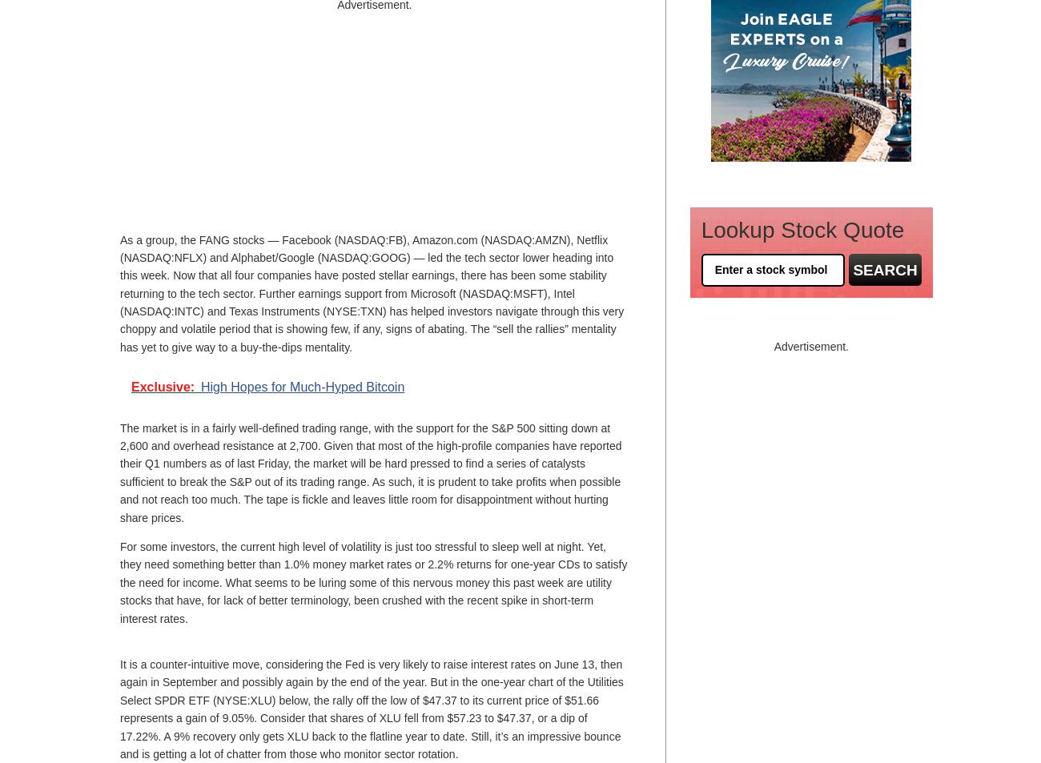 The image size is (1041, 763). I want to click on 'High Hopes for Much-Hyped Bitcoin', so click(199, 387).